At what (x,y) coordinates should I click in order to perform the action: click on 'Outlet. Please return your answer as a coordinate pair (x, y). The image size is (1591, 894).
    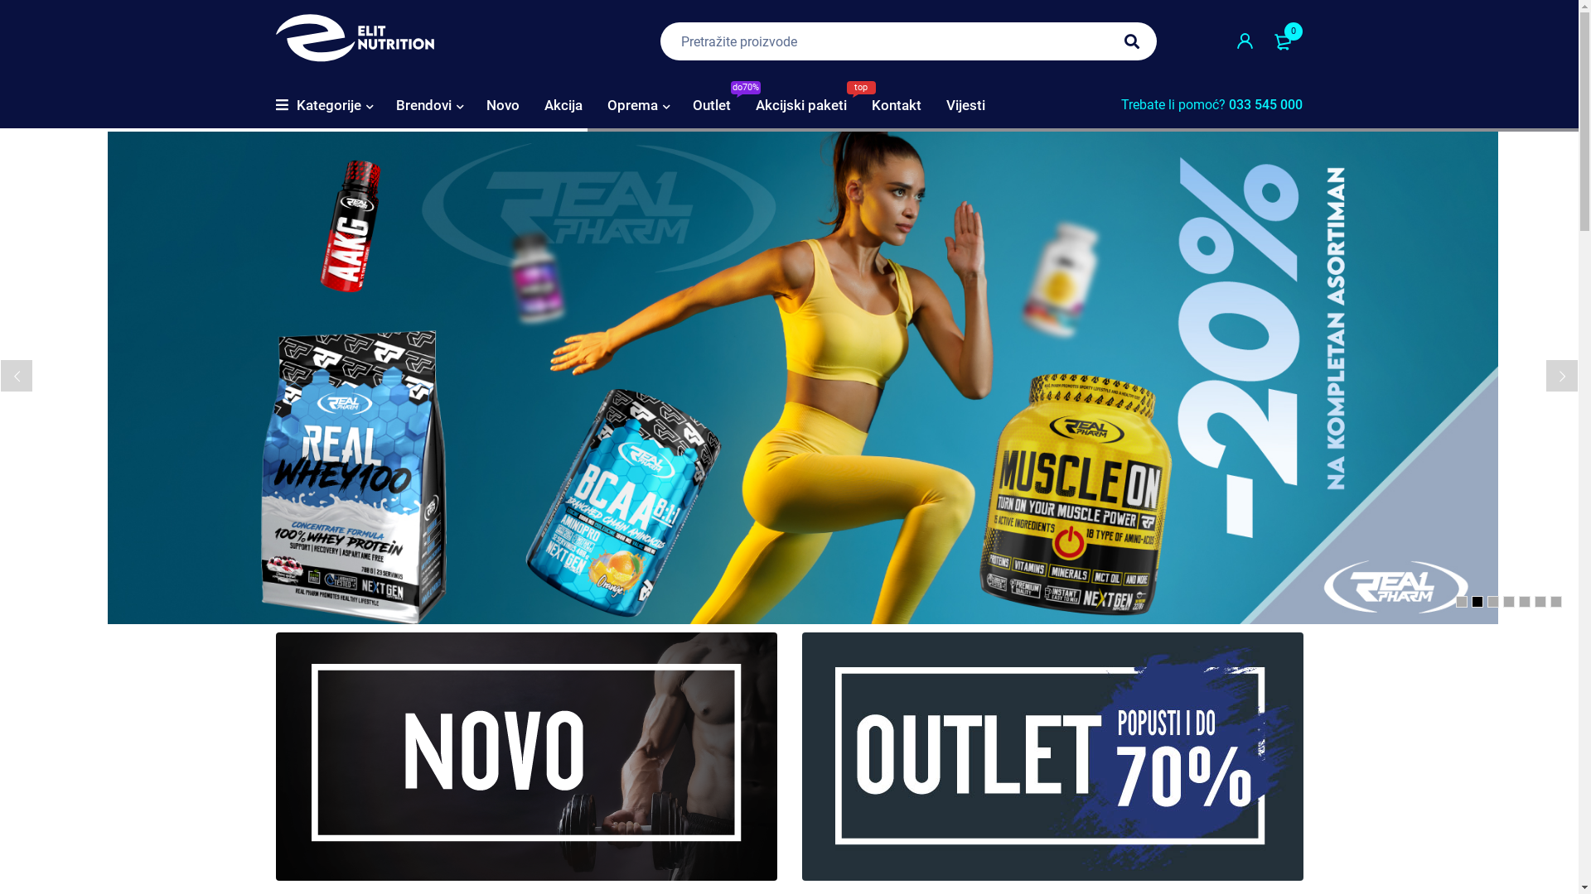
    Looking at the image, I should click on (692, 105).